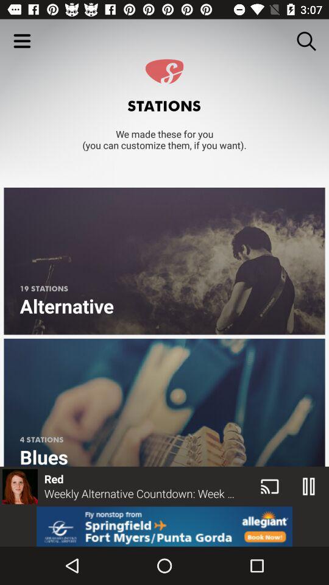 The image size is (329, 585). Describe the element at coordinates (309, 486) in the screenshot. I see `the pause icon` at that location.